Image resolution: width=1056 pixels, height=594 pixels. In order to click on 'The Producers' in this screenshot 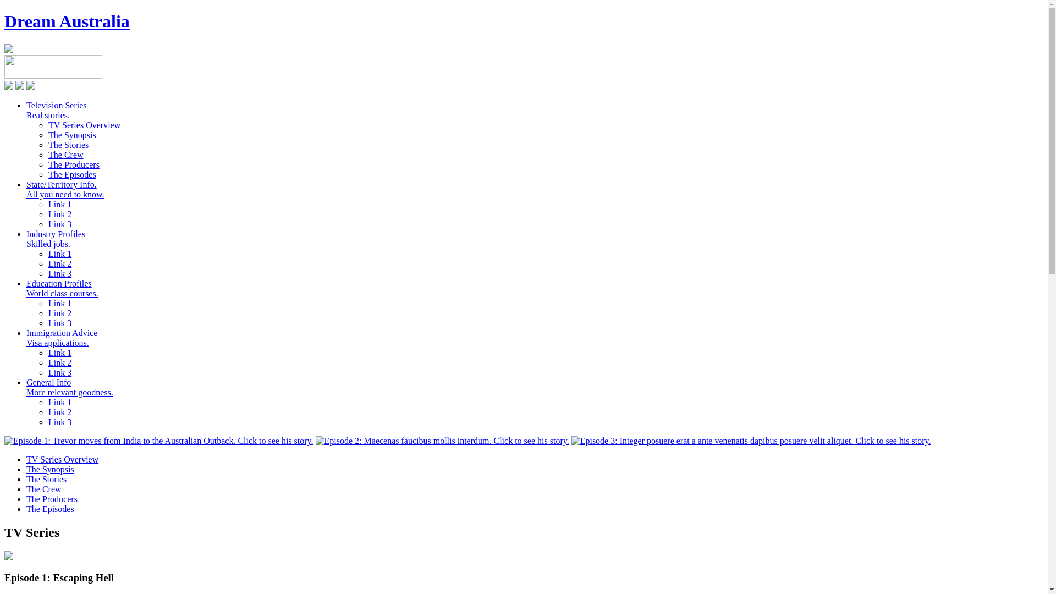, I will do `click(73, 164)`.